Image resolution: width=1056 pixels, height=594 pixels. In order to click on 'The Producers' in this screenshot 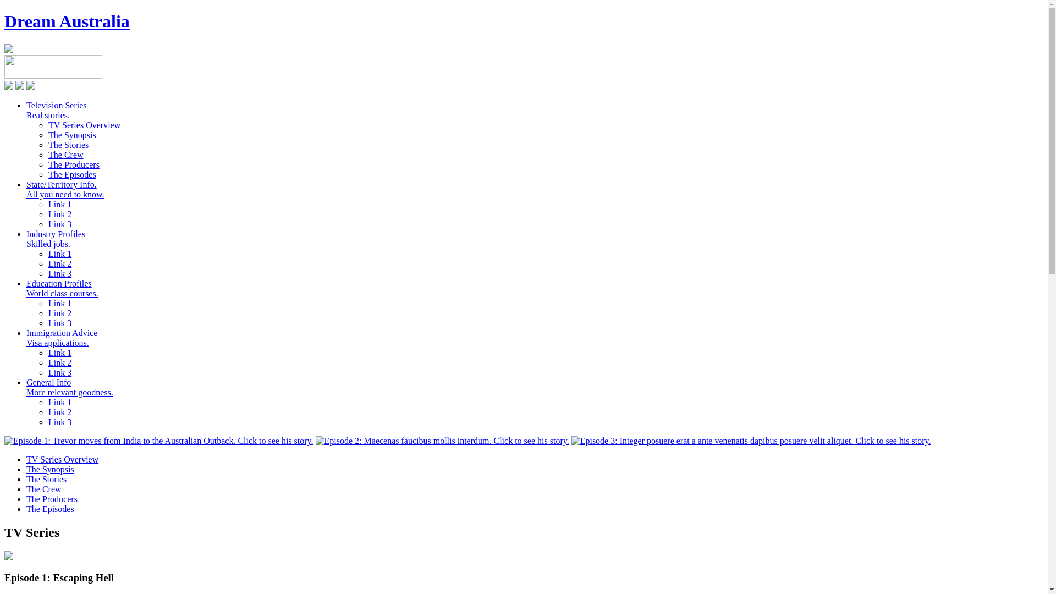, I will do `click(73, 164)`.